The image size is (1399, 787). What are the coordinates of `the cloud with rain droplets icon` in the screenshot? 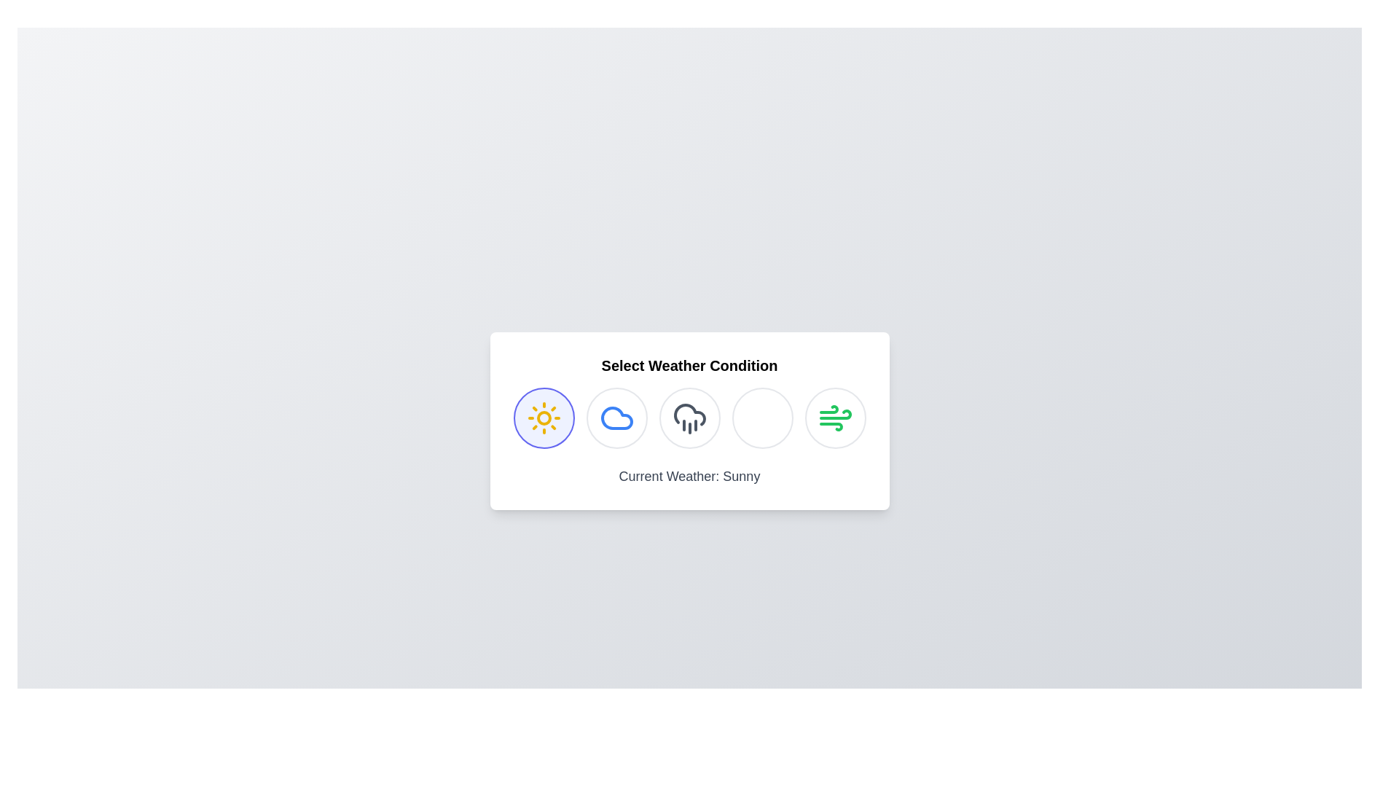 It's located at (689, 418).